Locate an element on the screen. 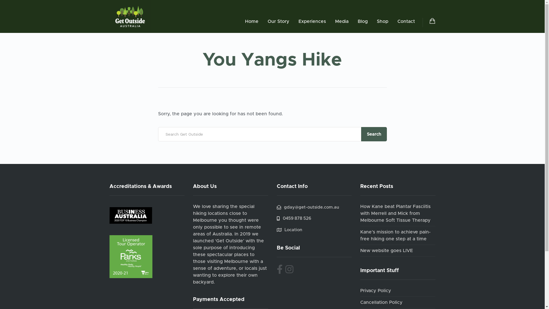 This screenshot has height=309, width=549. 'Home' is located at coordinates (251, 21).